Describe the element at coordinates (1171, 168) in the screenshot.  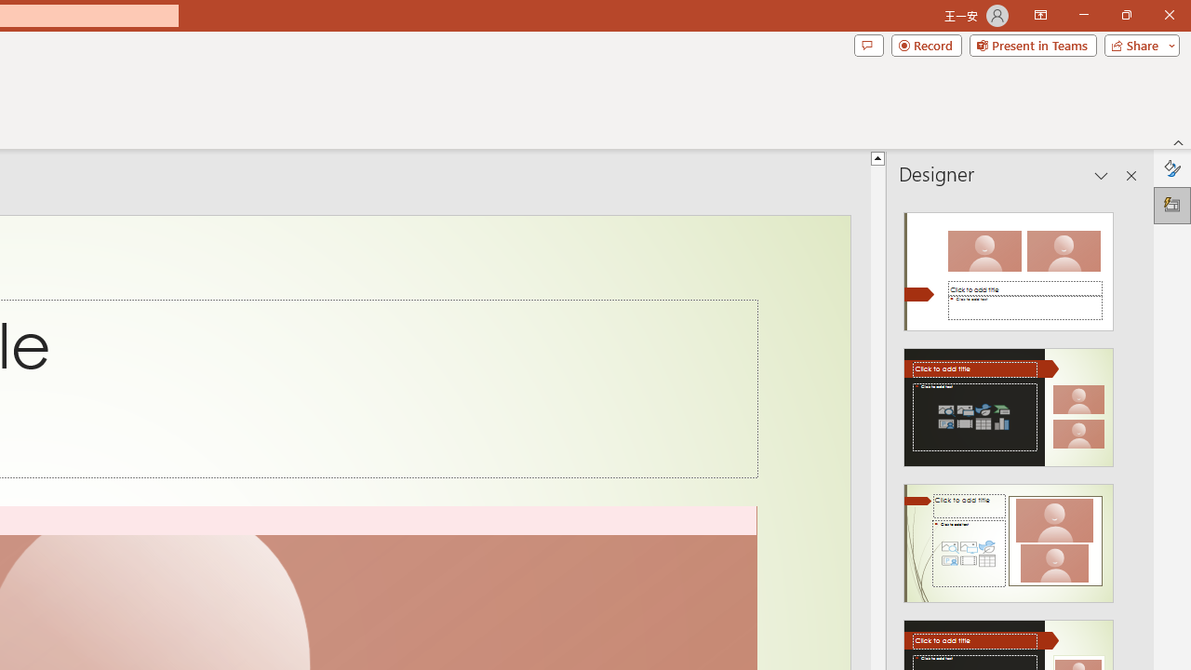
I see `'Format Background'` at that location.